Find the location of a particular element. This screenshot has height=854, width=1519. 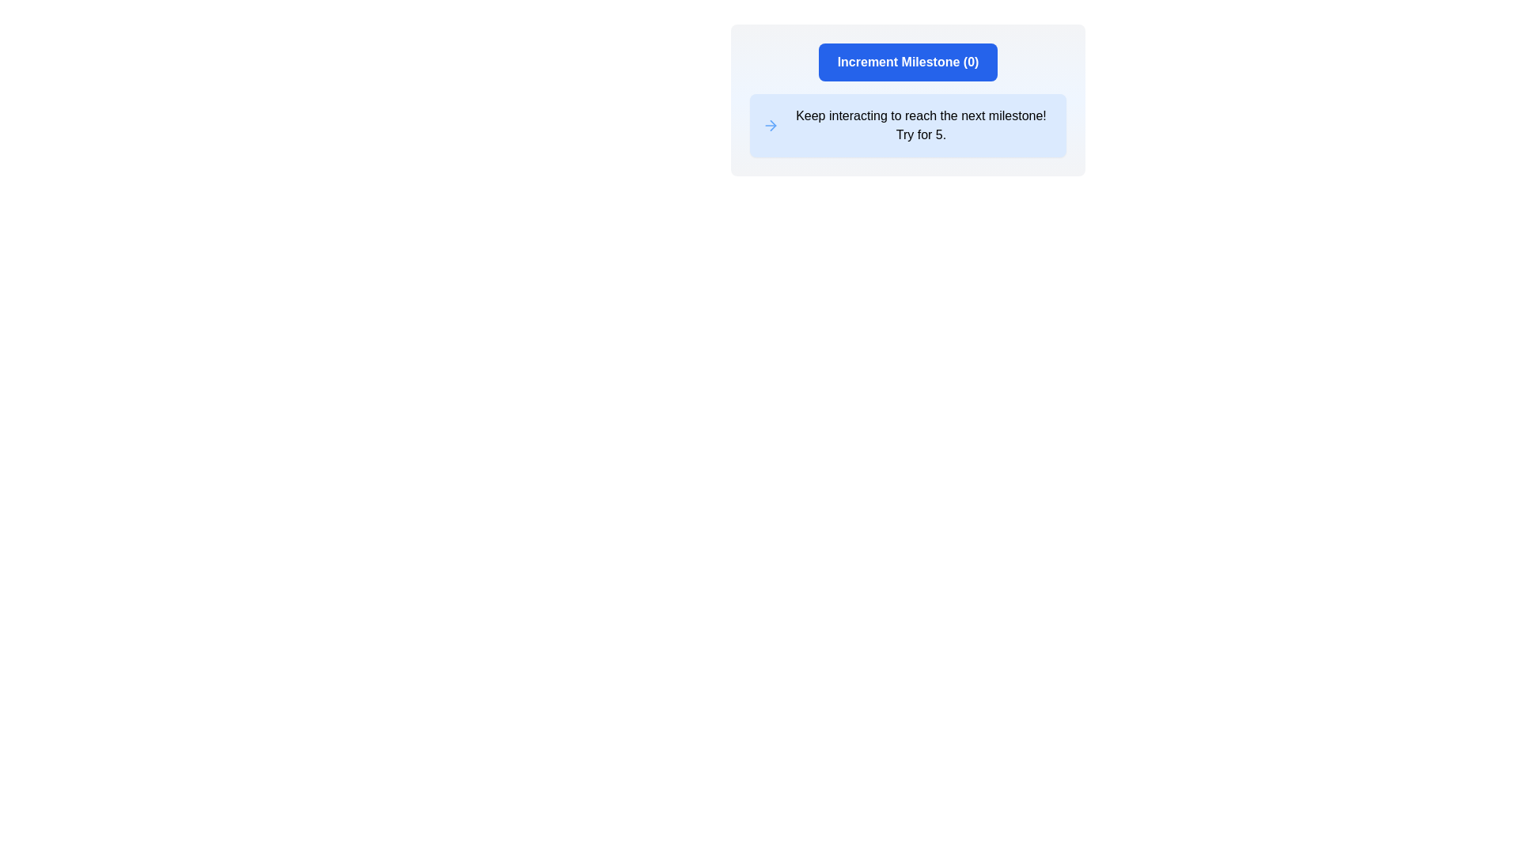

the blue arrow icon pointing right, which is located at the start of the text 'Keep interacting to reach the next milestone! Try for 5.' is located at coordinates (771, 124).